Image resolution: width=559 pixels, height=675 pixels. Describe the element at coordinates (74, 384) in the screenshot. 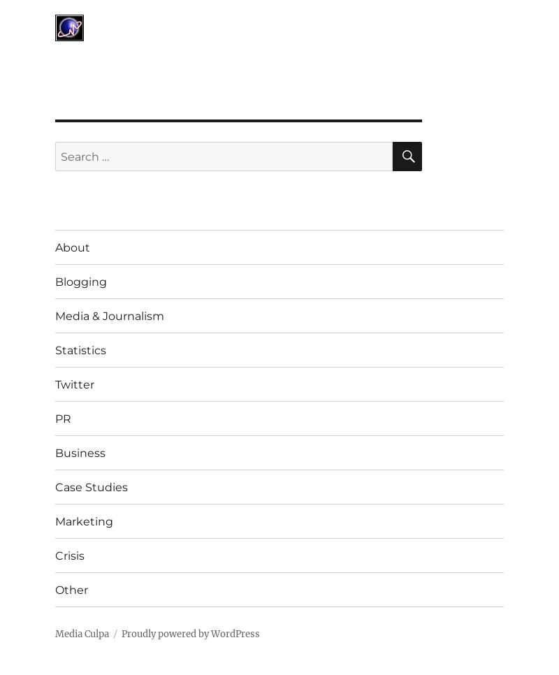

I see `'Twitter'` at that location.